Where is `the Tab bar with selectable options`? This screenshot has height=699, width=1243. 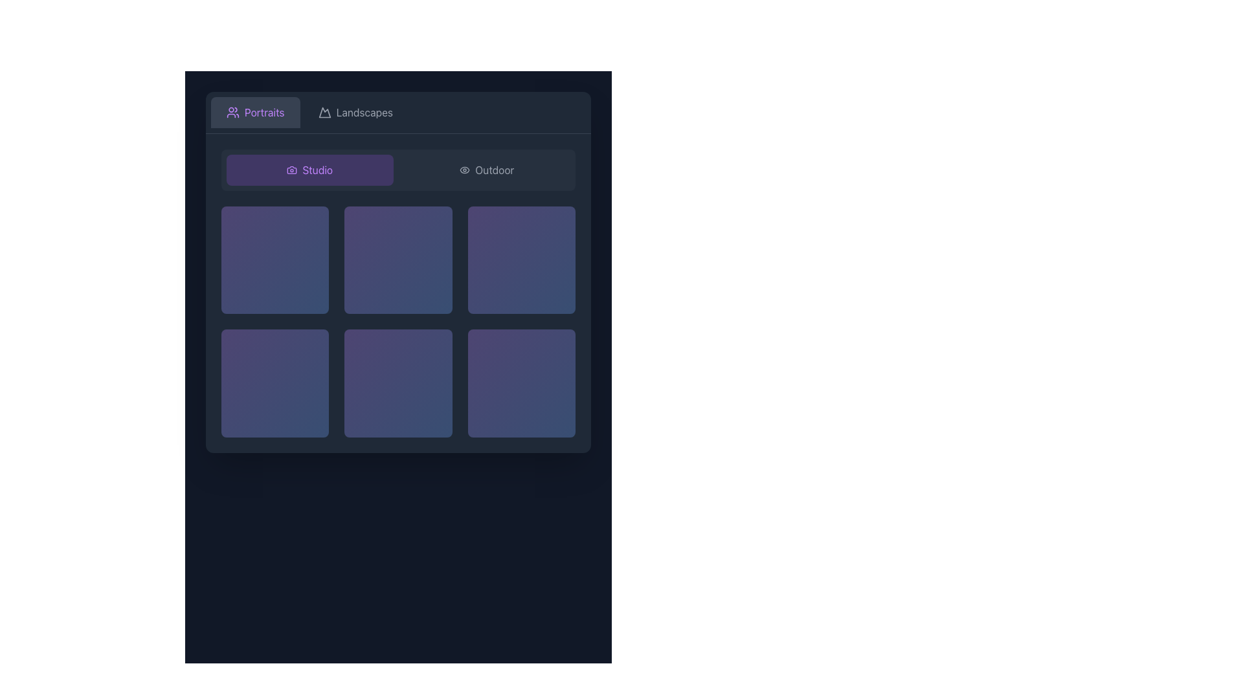 the Tab bar with selectable options is located at coordinates (398, 111).